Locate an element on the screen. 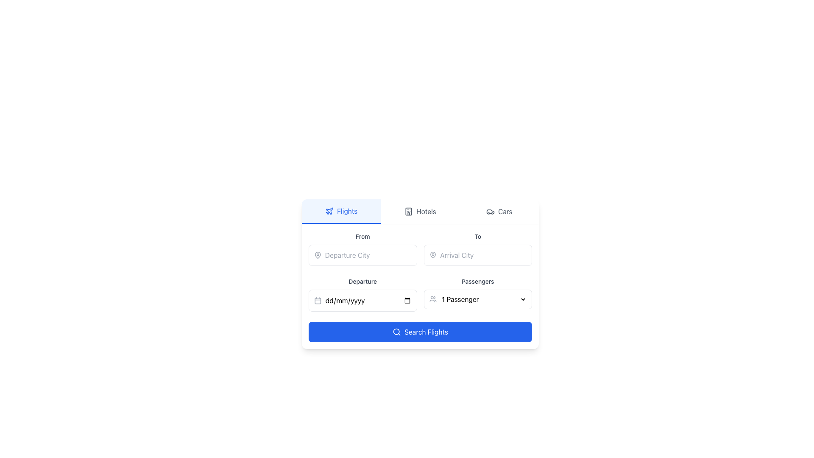 The width and height of the screenshot is (814, 458). the 'Hotels' button, which is the second option in a row of three buttons, to select the hotels section of the application is located at coordinates (420, 211).